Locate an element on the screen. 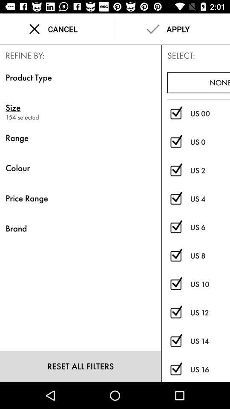  us 4 checkbox is located at coordinates (175, 199).